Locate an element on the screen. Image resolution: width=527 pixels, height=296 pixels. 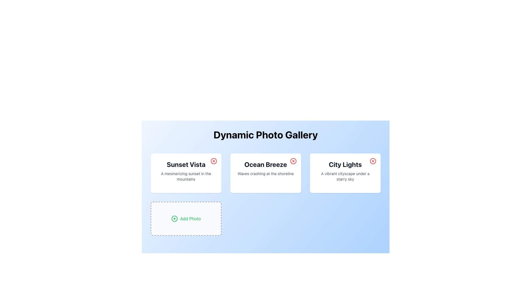
the text label displaying 'Sunset Vista', which serves as the primary identifier for the card located at the top portion of a white card is located at coordinates (186, 164).